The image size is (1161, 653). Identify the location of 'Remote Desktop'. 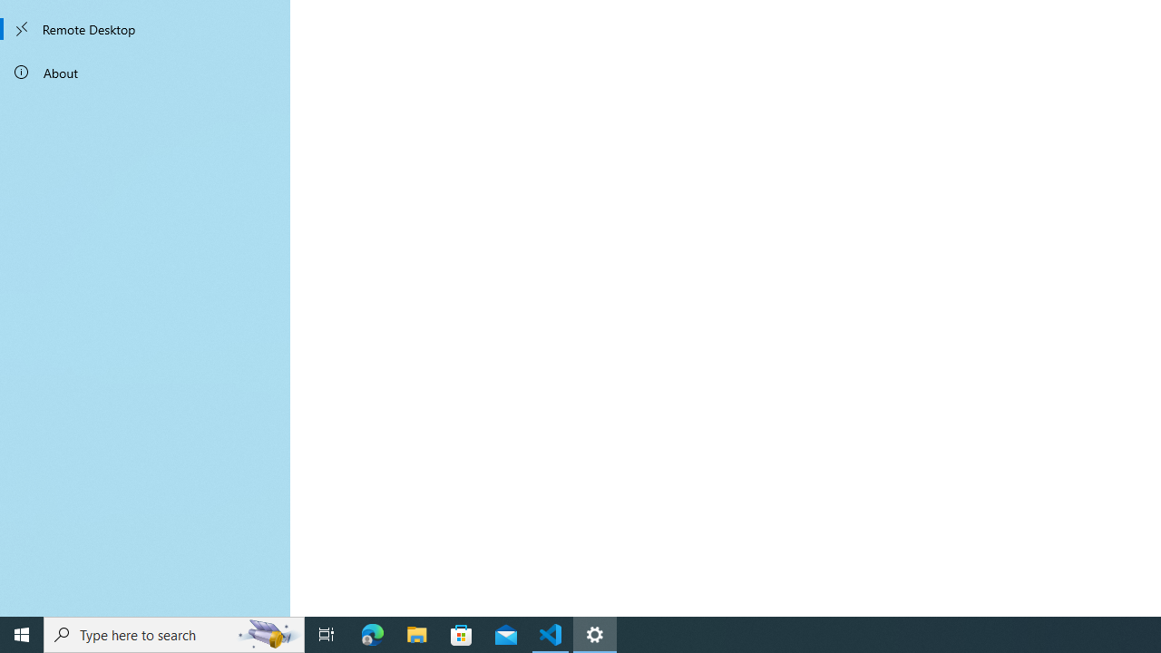
(145, 29).